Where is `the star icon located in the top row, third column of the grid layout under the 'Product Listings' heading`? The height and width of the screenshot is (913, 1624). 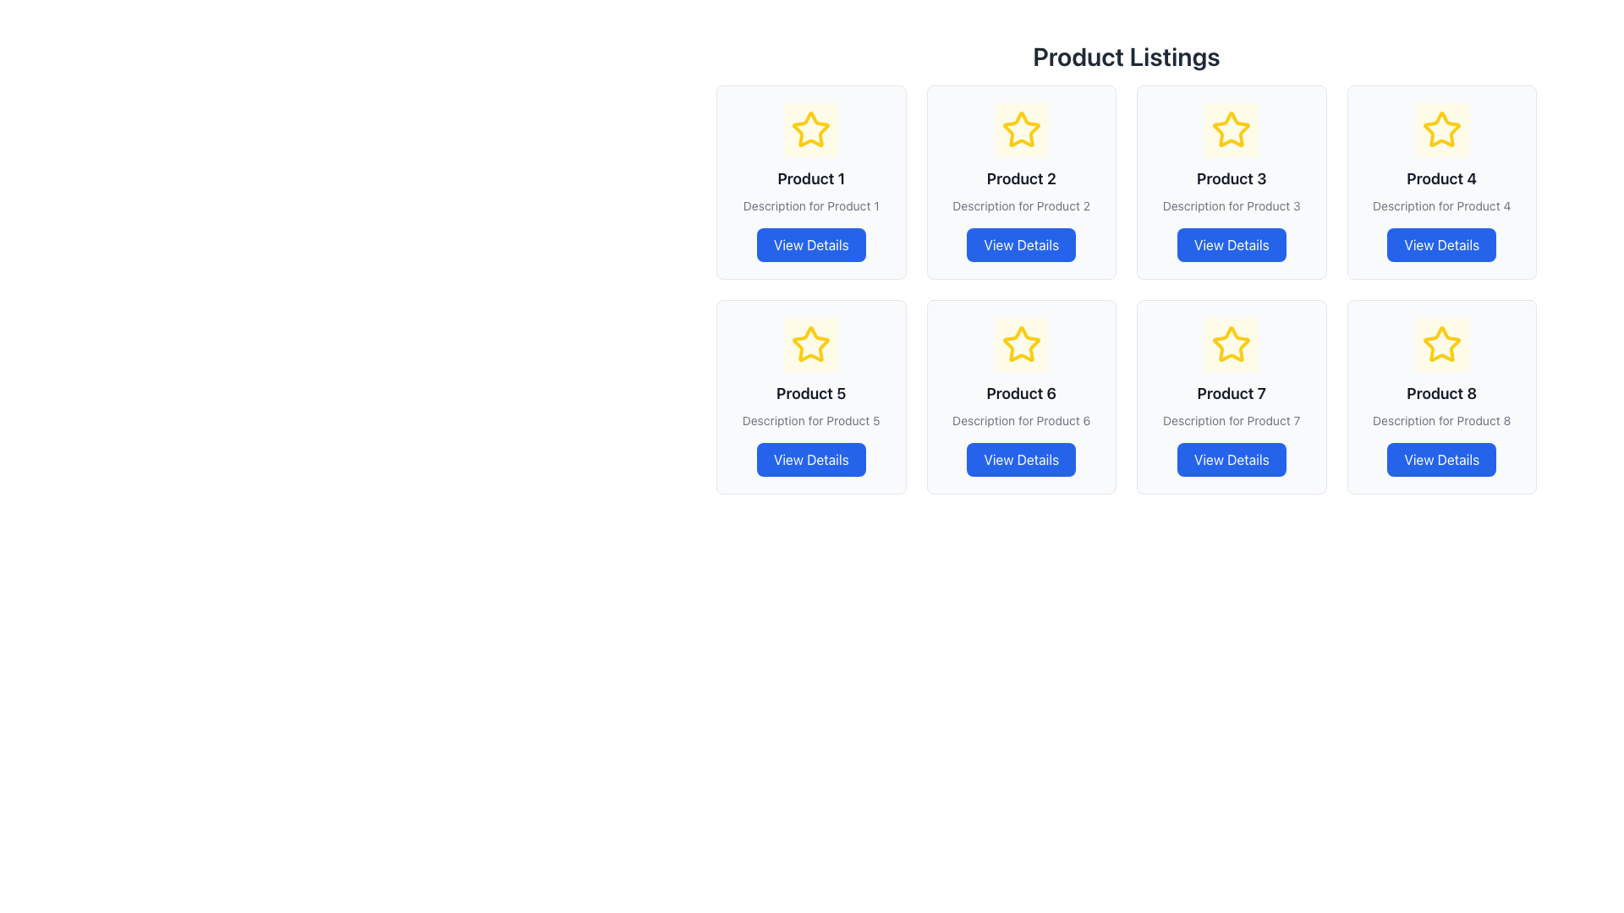
the star icon located in the top row, third column of the grid layout under the 'Product Listings' heading is located at coordinates (1232, 129).